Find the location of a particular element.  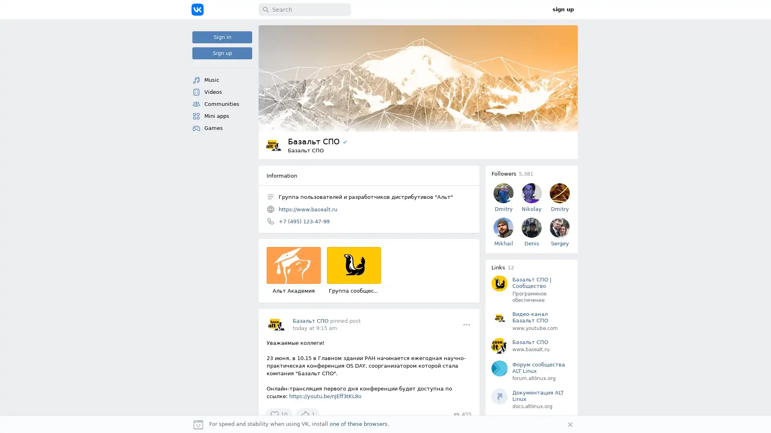

Close is located at coordinates (570, 424).